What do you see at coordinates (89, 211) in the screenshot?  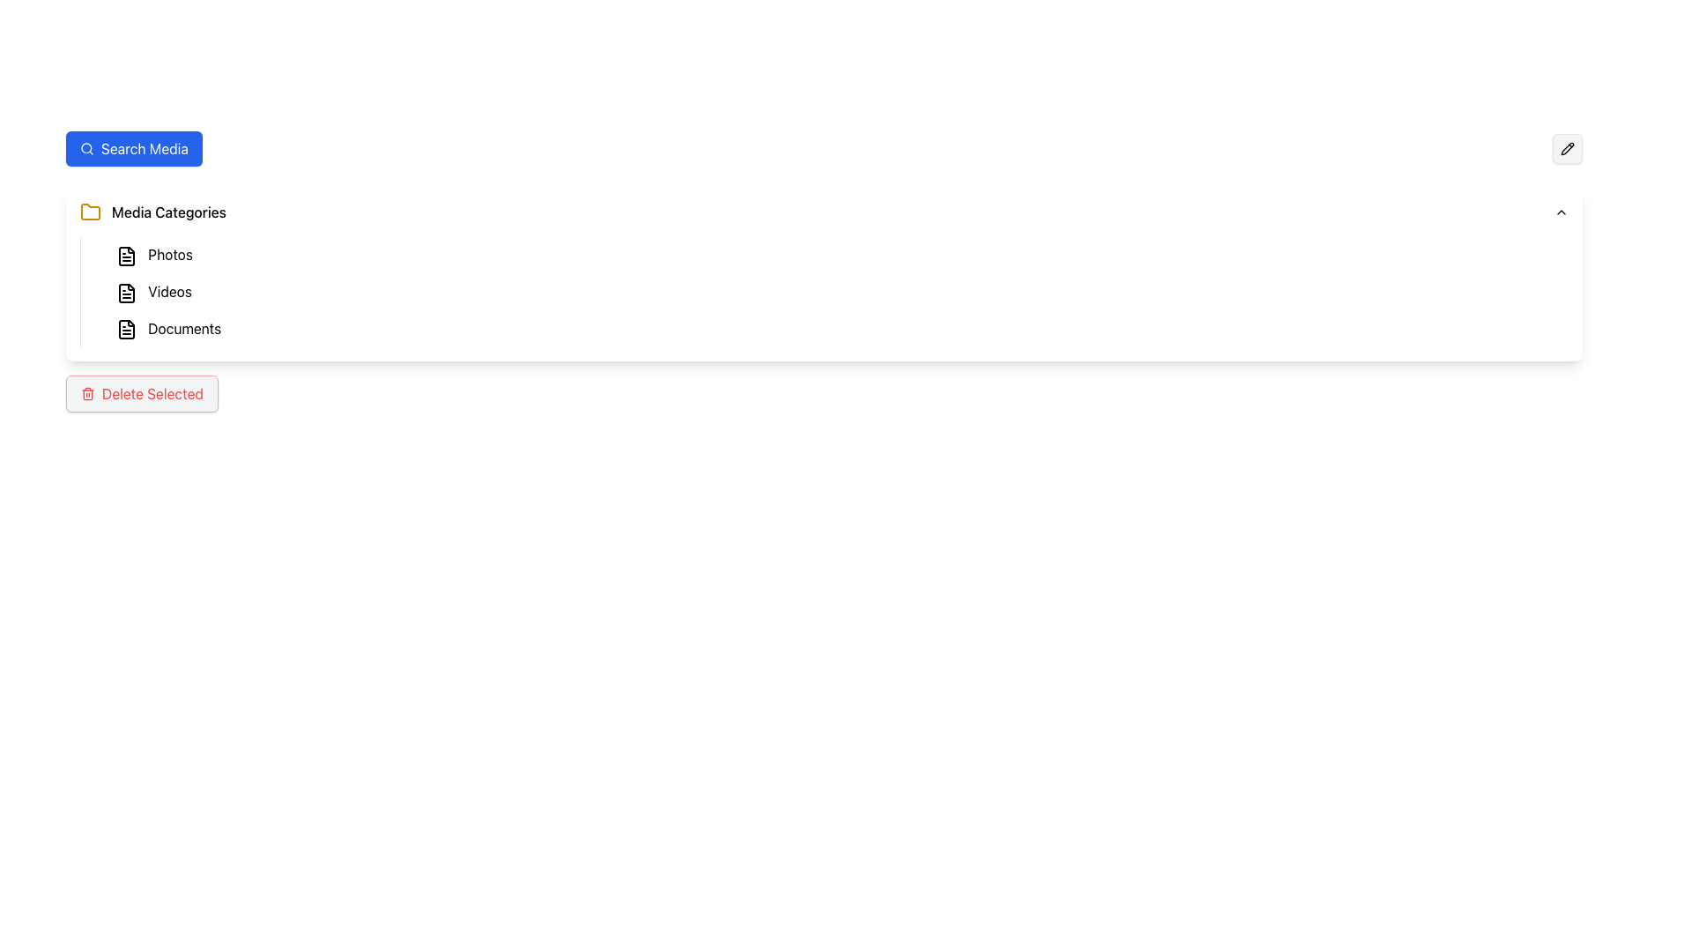 I see `the yellow folder icon located to the left of the 'Media Categories' text label, which is characterized by its modern flat design with a slightly curved top edge` at bounding box center [89, 211].